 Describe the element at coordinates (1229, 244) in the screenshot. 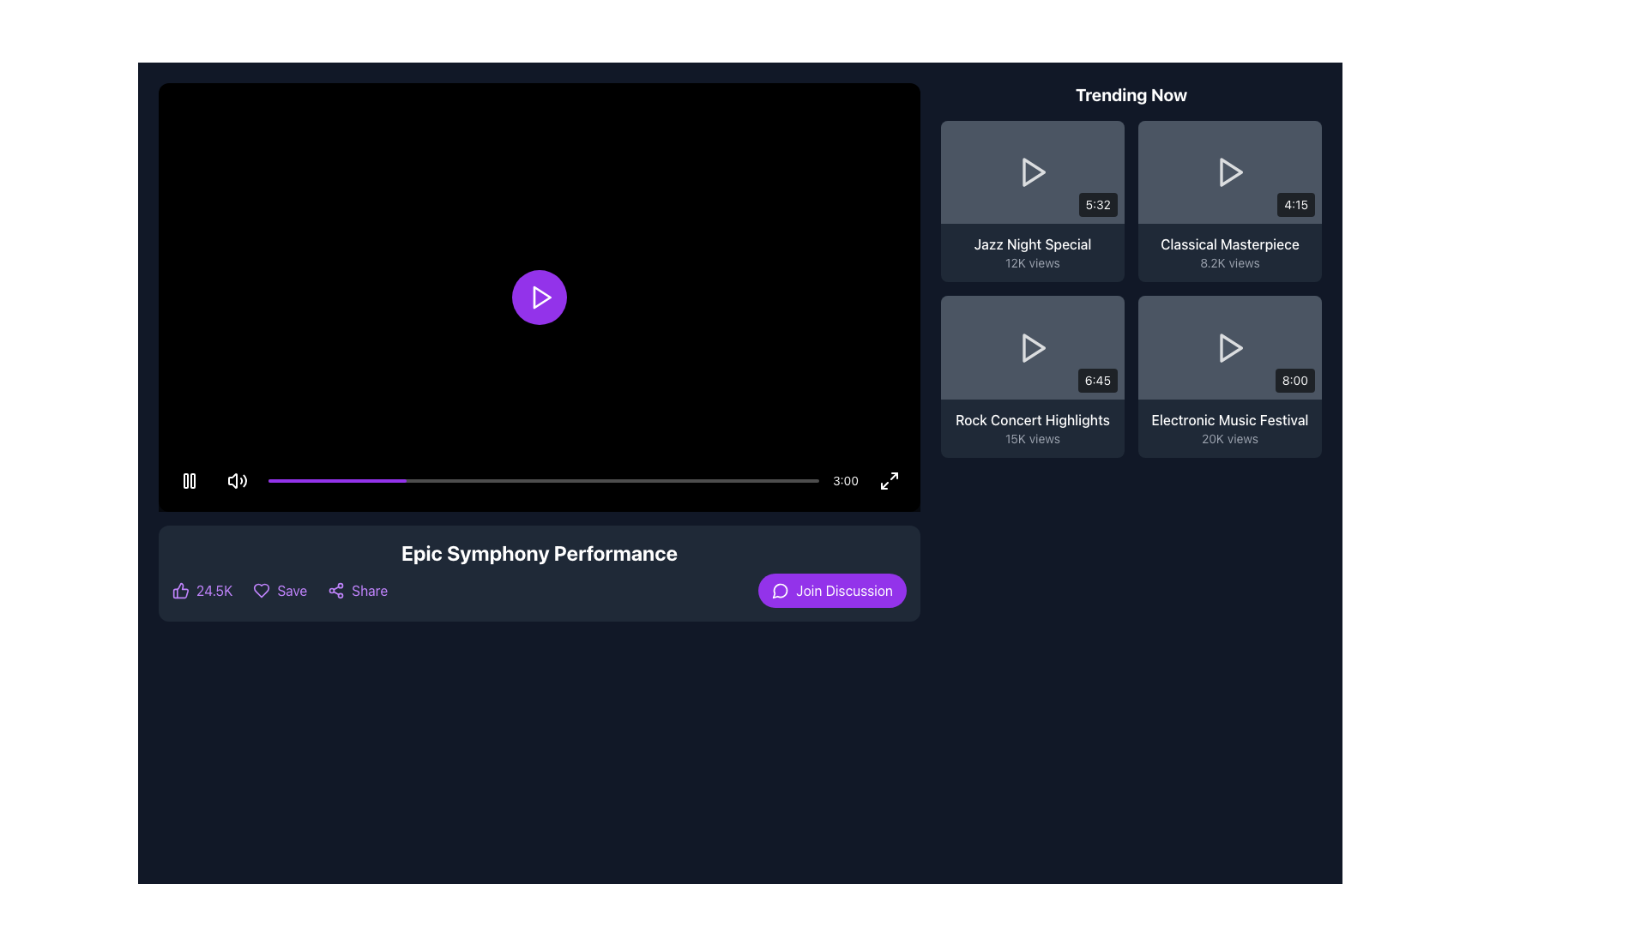

I see `the text label displaying 'Classical Masterpiece' in white color, positioned above '8.2K views' within the 'Trending Now' section` at that location.